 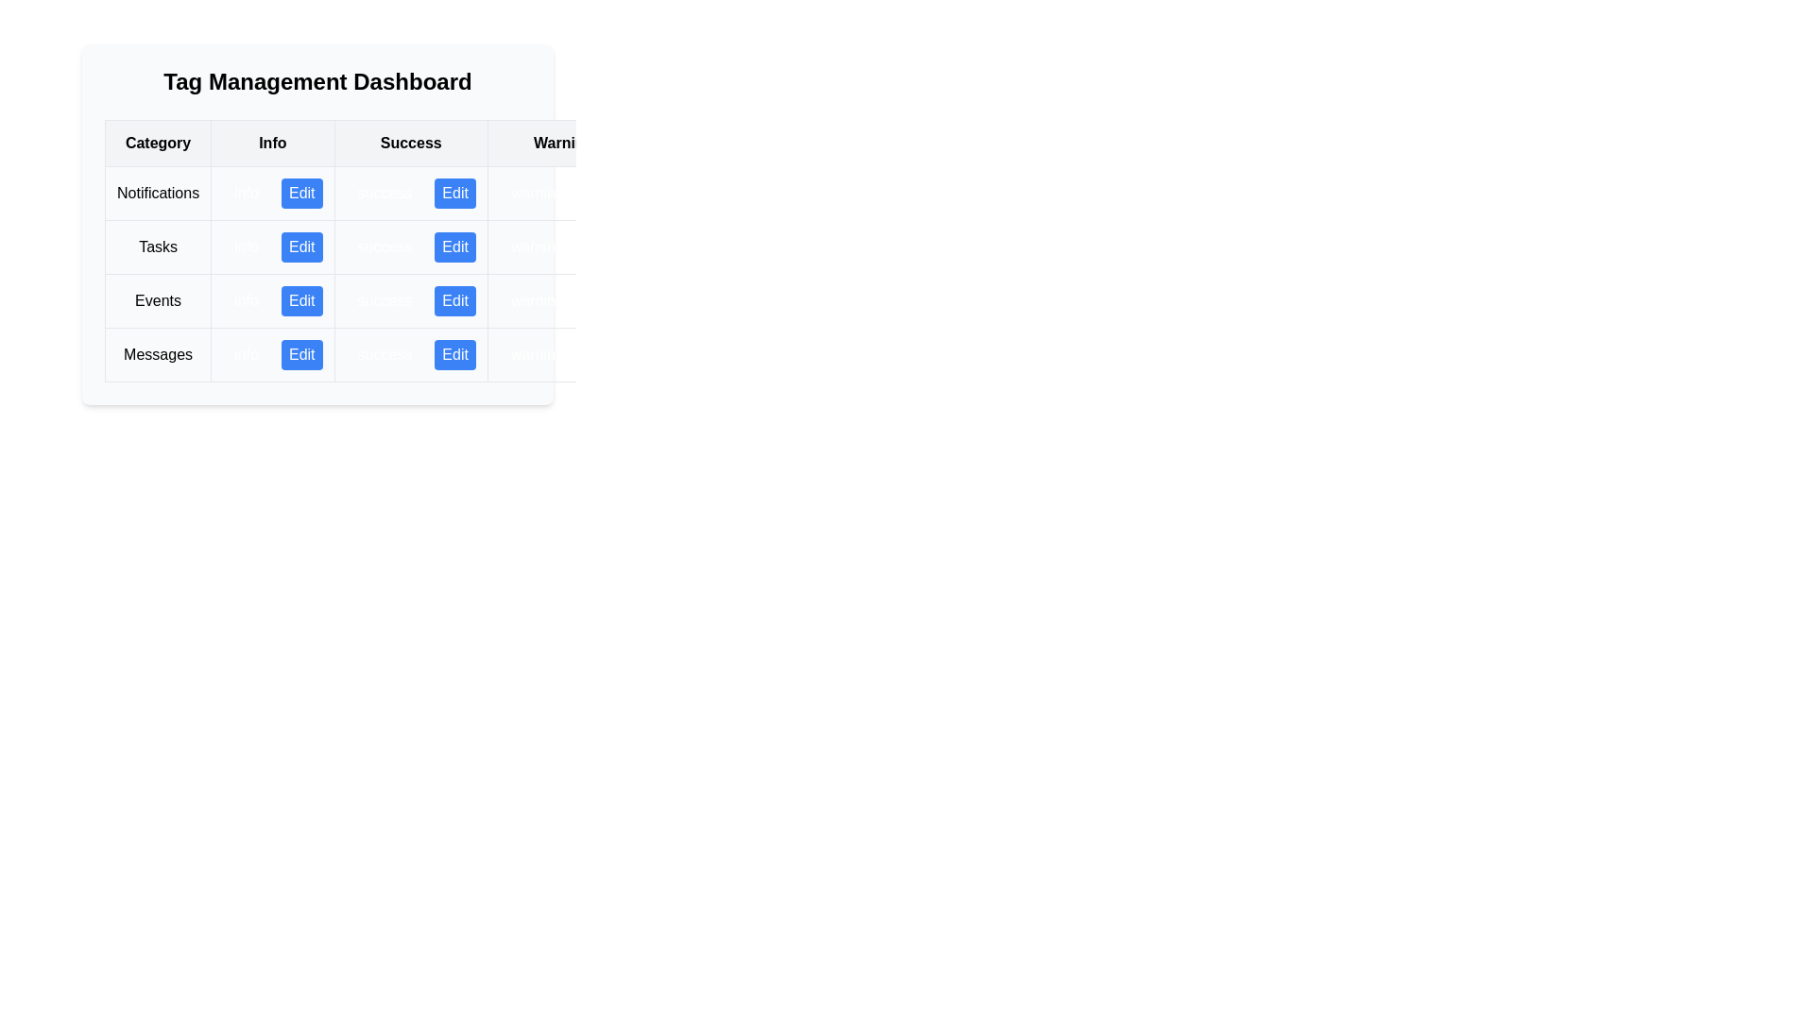 What do you see at coordinates (158, 142) in the screenshot?
I see `text content of the 'Category' label, which is a bold black text on a light gray background located on the left side of a row of five elements` at bounding box center [158, 142].